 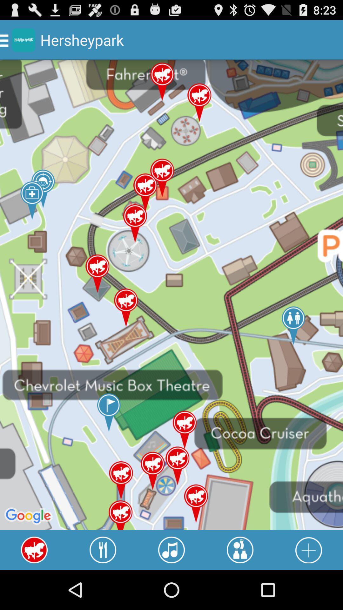 What do you see at coordinates (103, 550) in the screenshot?
I see `the item below hersheypark app` at bounding box center [103, 550].